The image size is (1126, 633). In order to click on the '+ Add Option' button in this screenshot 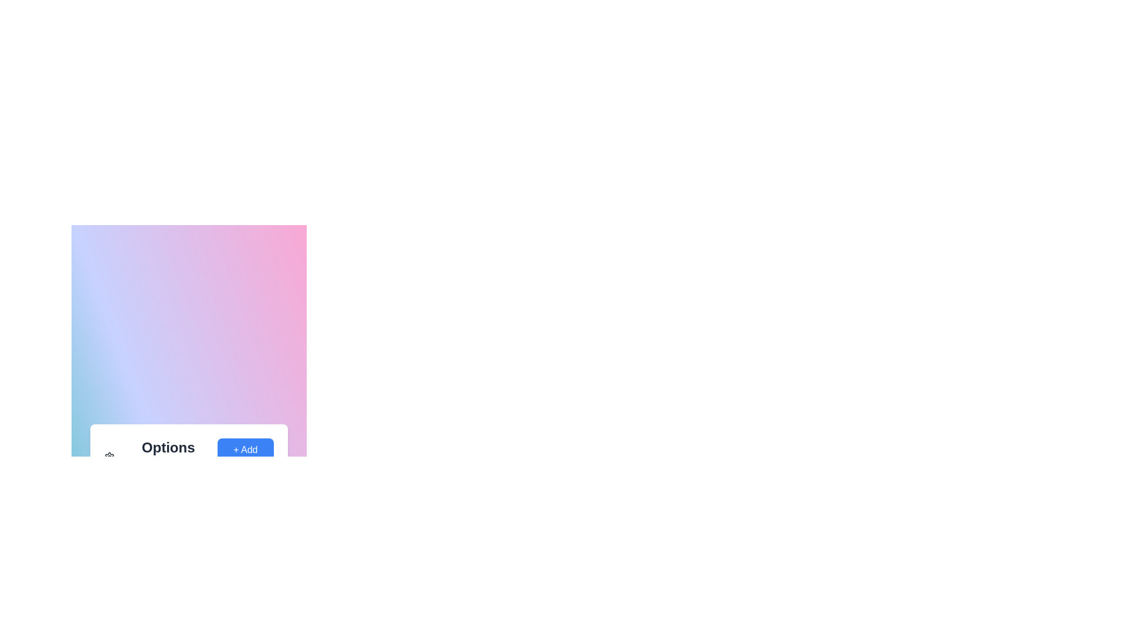, I will do `click(245, 456)`.